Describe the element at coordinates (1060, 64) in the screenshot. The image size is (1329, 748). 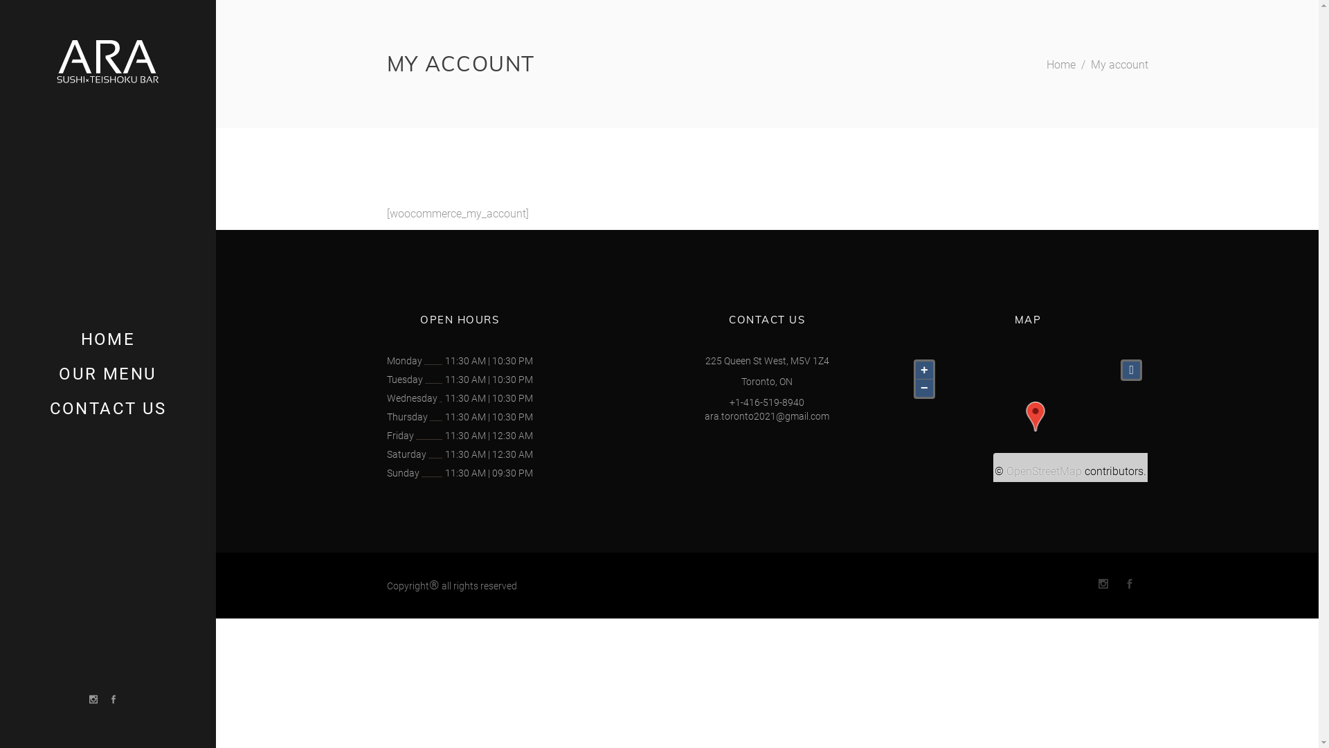
I see `'Home'` at that location.